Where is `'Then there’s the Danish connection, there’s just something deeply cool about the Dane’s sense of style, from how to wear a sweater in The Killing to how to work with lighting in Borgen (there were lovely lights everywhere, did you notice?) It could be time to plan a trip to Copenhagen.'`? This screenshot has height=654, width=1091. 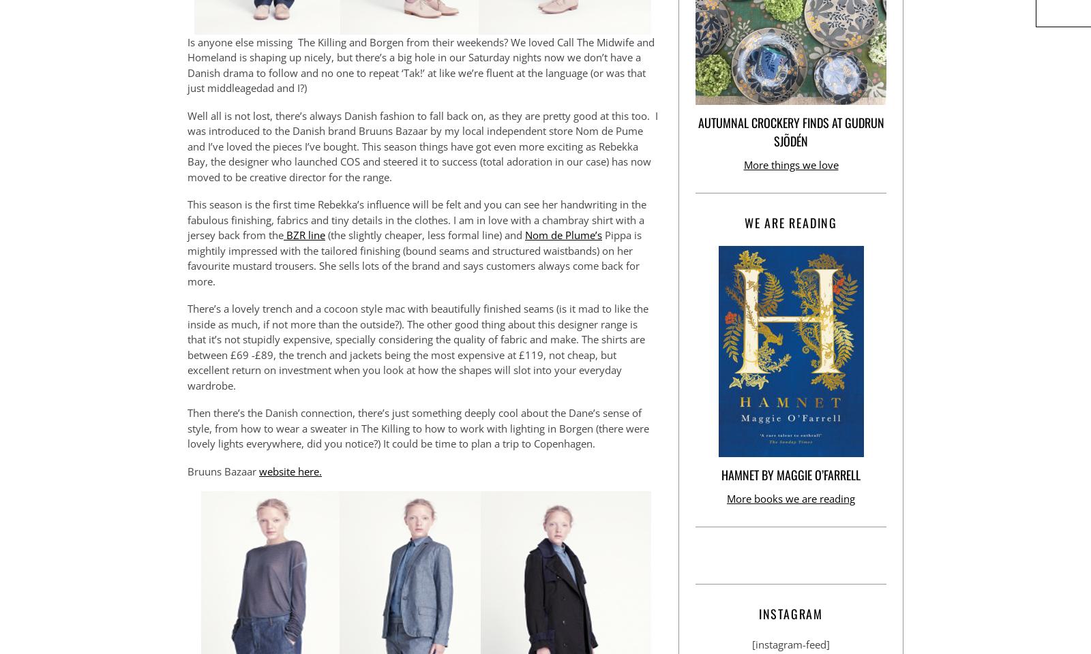
'Then there’s the Danish connection, there’s just something deeply cool about the Dane’s sense of style, from how to wear a sweater in The Killing to how to work with lighting in Borgen (there were lovely lights everywhere, did you notice?) It could be time to plan a trip to Copenhagen.' is located at coordinates (418, 427).